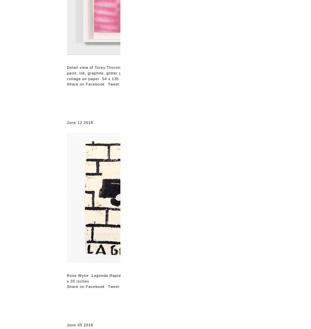  Describe the element at coordinates (79, 275) in the screenshot. I see `'Rose Wylie'` at that location.